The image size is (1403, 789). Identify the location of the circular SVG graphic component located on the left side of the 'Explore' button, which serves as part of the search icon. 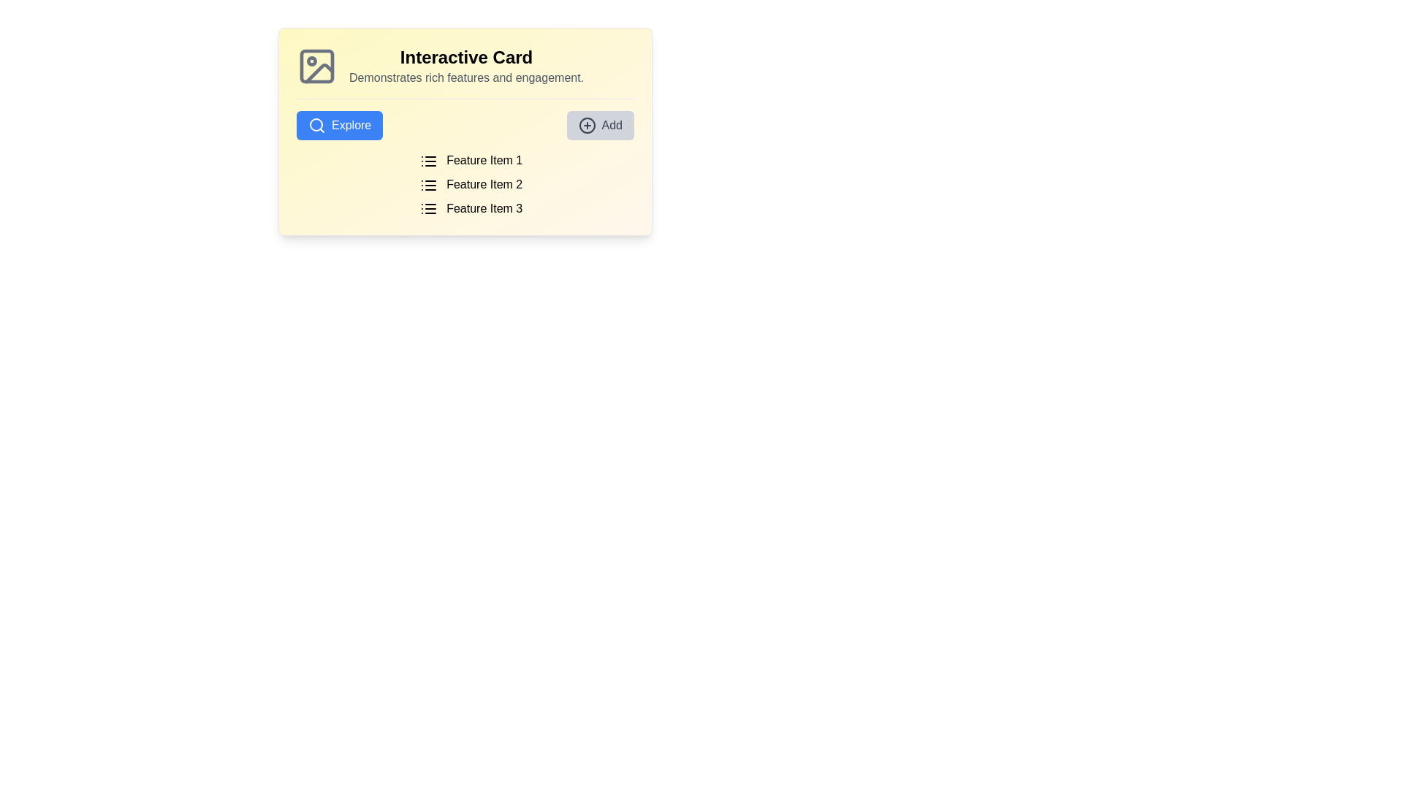
(315, 123).